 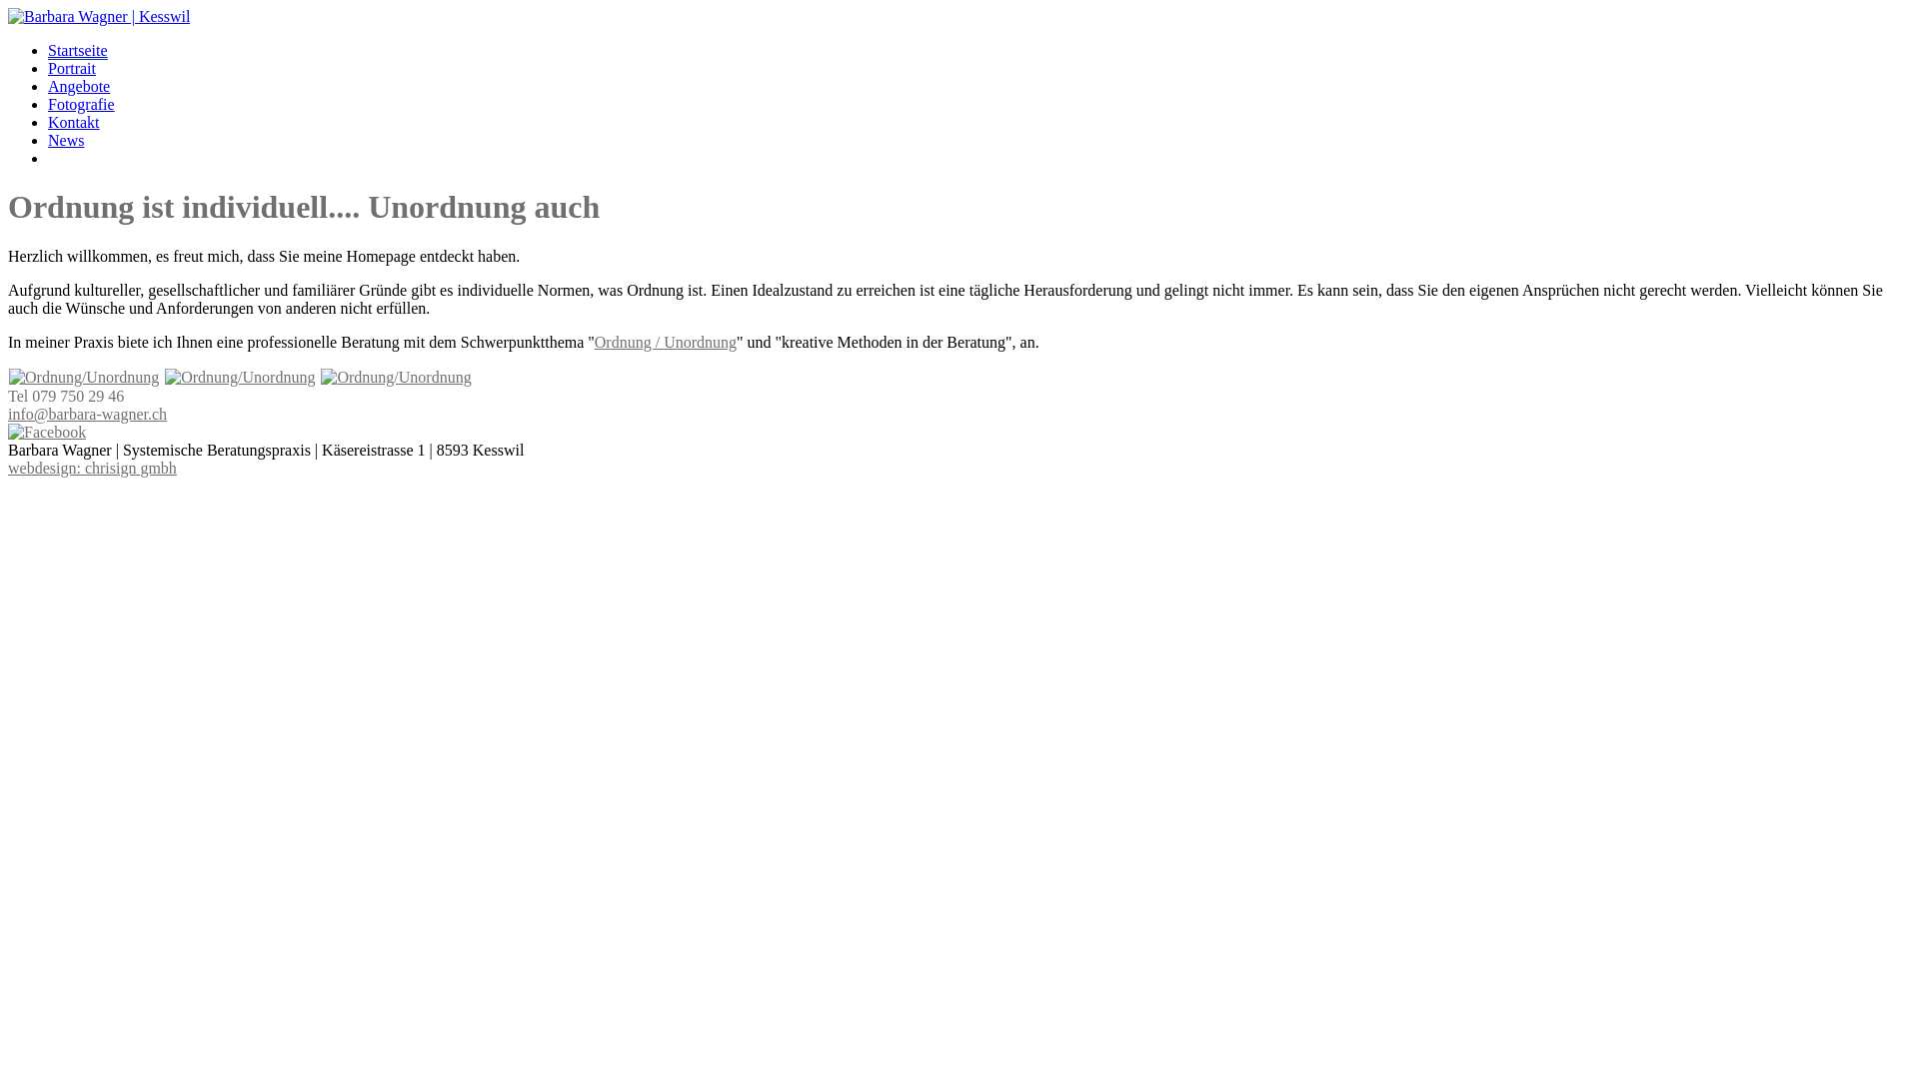 What do you see at coordinates (8, 377) in the screenshot?
I see `'Ordnung/Unordnung'` at bounding box center [8, 377].